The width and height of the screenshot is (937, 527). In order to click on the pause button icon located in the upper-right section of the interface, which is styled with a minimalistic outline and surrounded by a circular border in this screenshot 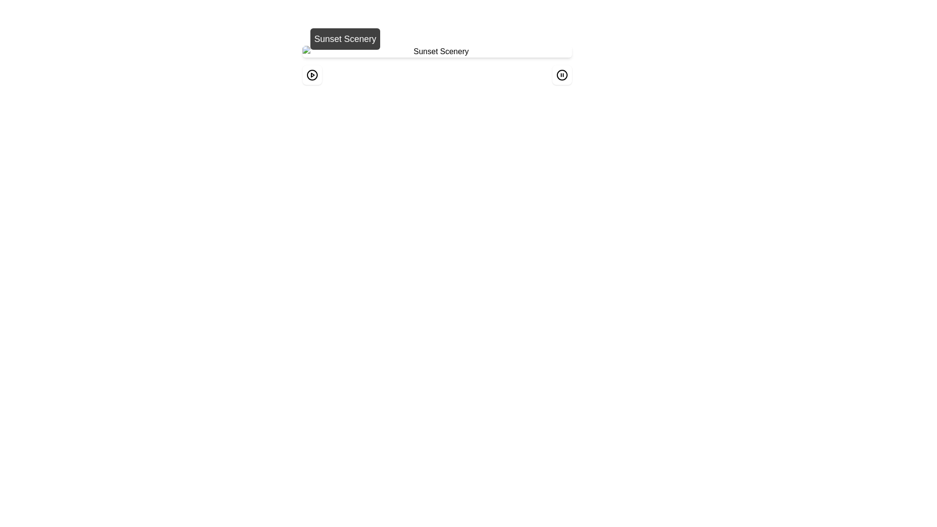, I will do `click(562, 75)`.